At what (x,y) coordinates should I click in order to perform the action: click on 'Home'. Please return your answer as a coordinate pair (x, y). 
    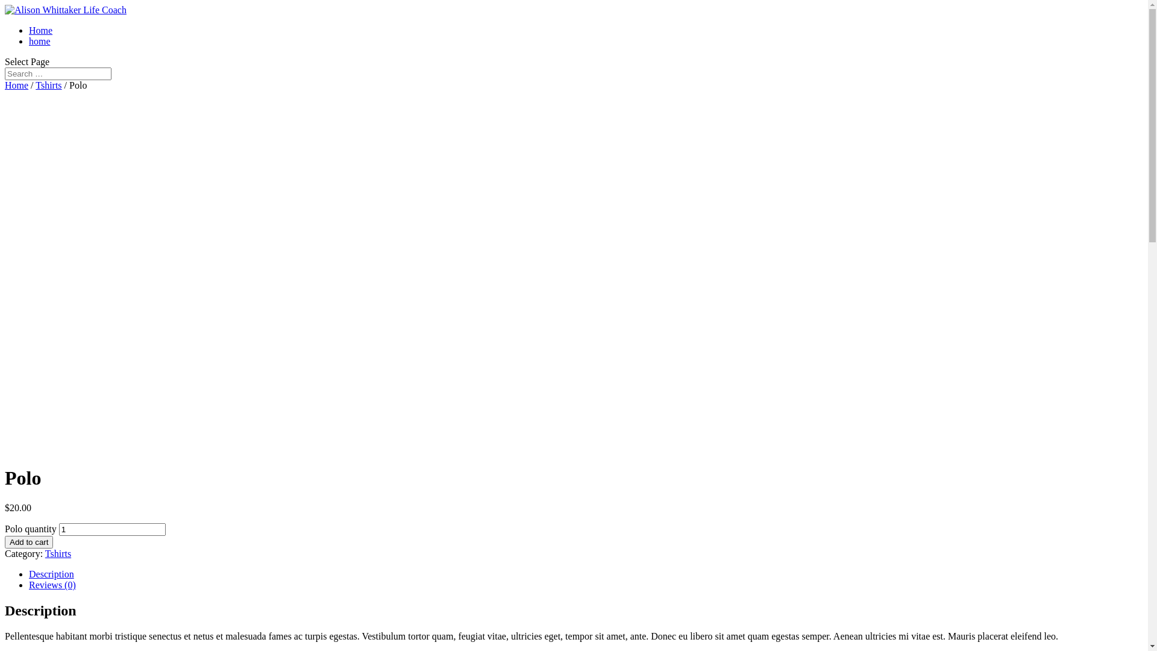
    Looking at the image, I should click on (16, 84).